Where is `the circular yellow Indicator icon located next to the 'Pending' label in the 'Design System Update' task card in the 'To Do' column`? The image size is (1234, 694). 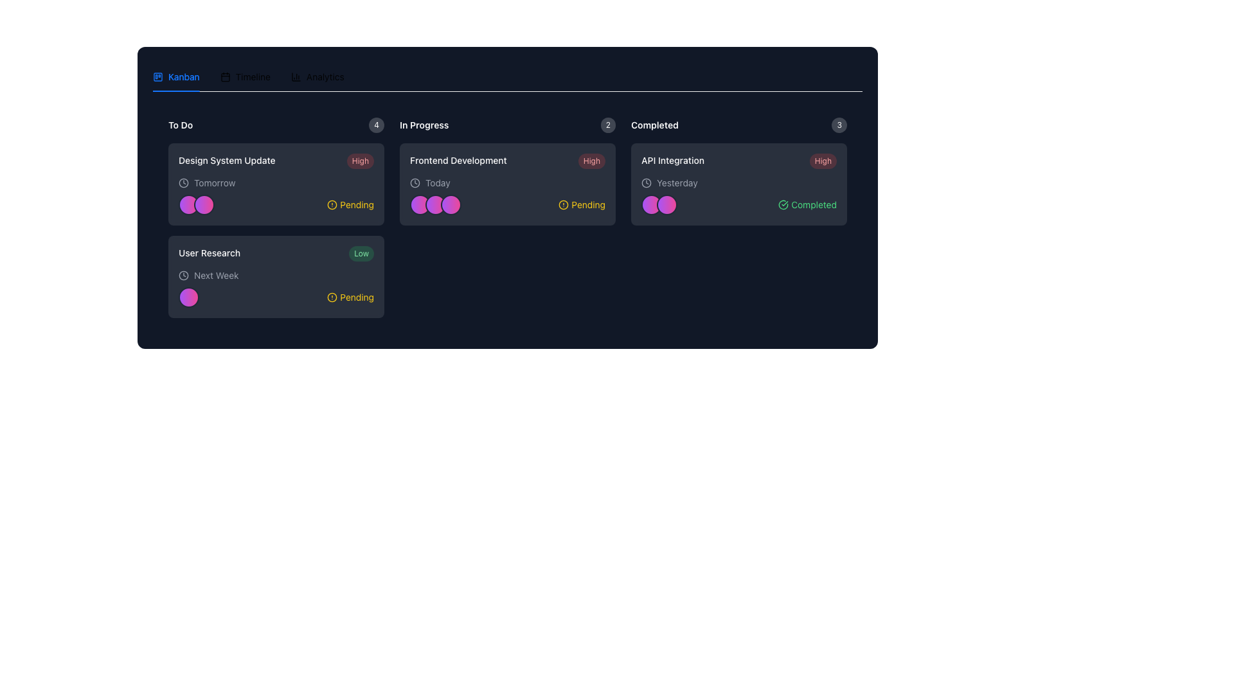
the circular yellow Indicator icon located next to the 'Pending' label in the 'Design System Update' task card in the 'To Do' column is located at coordinates (332, 204).